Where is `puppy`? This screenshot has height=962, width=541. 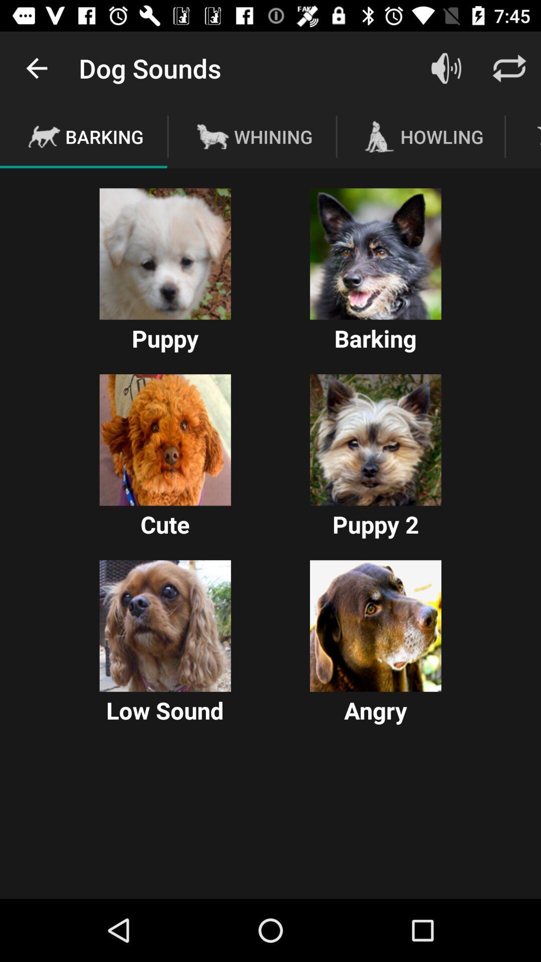
puppy is located at coordinates (165, 254).